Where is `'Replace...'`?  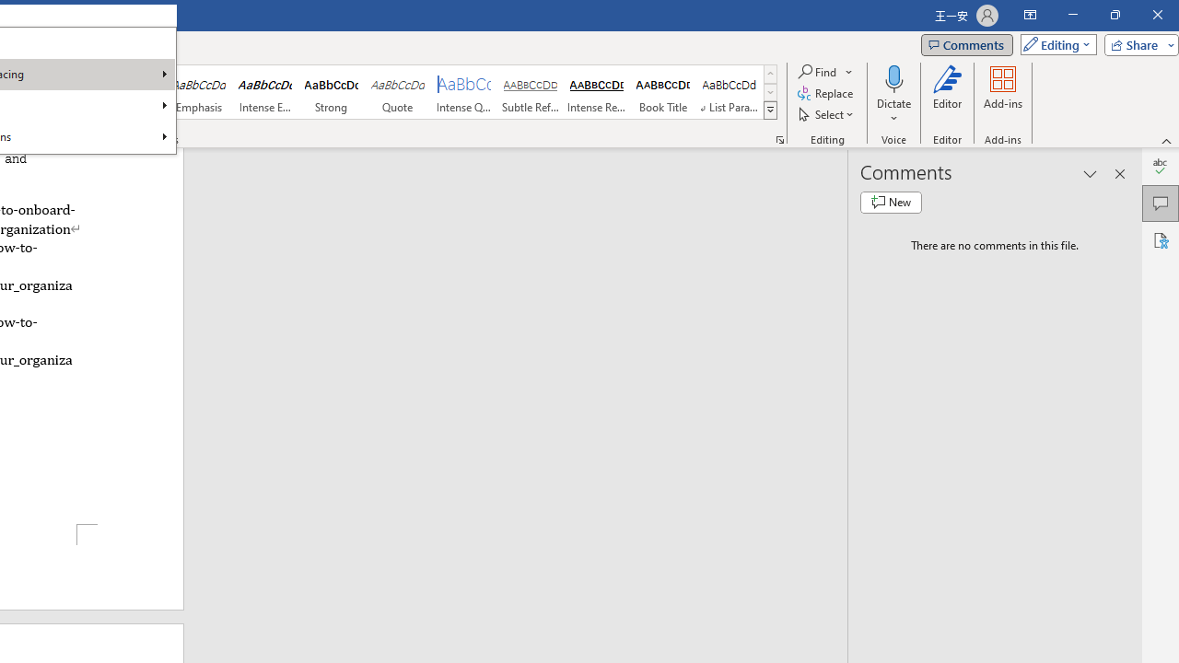 'Replace...' is located at coordinates (825, 93).